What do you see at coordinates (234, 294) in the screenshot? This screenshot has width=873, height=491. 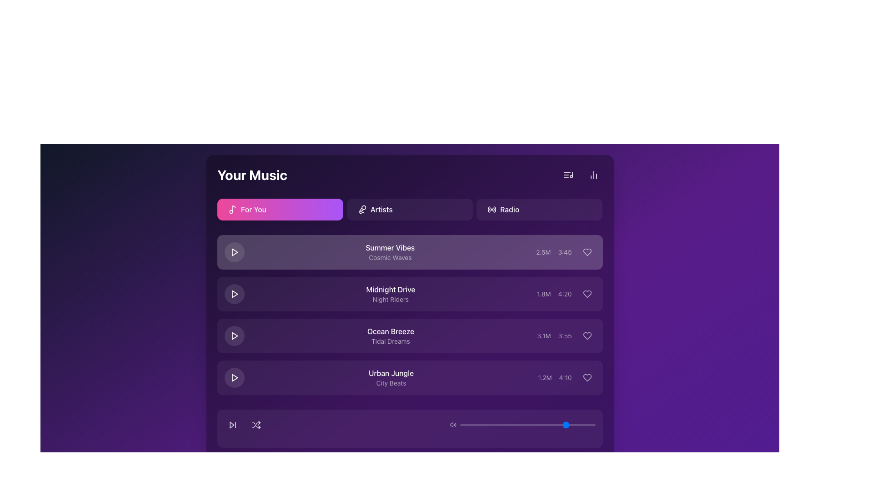 I see `the play button icon for the song 'Midnight Drive' to initiate playback` at bounding box center [234, 294].